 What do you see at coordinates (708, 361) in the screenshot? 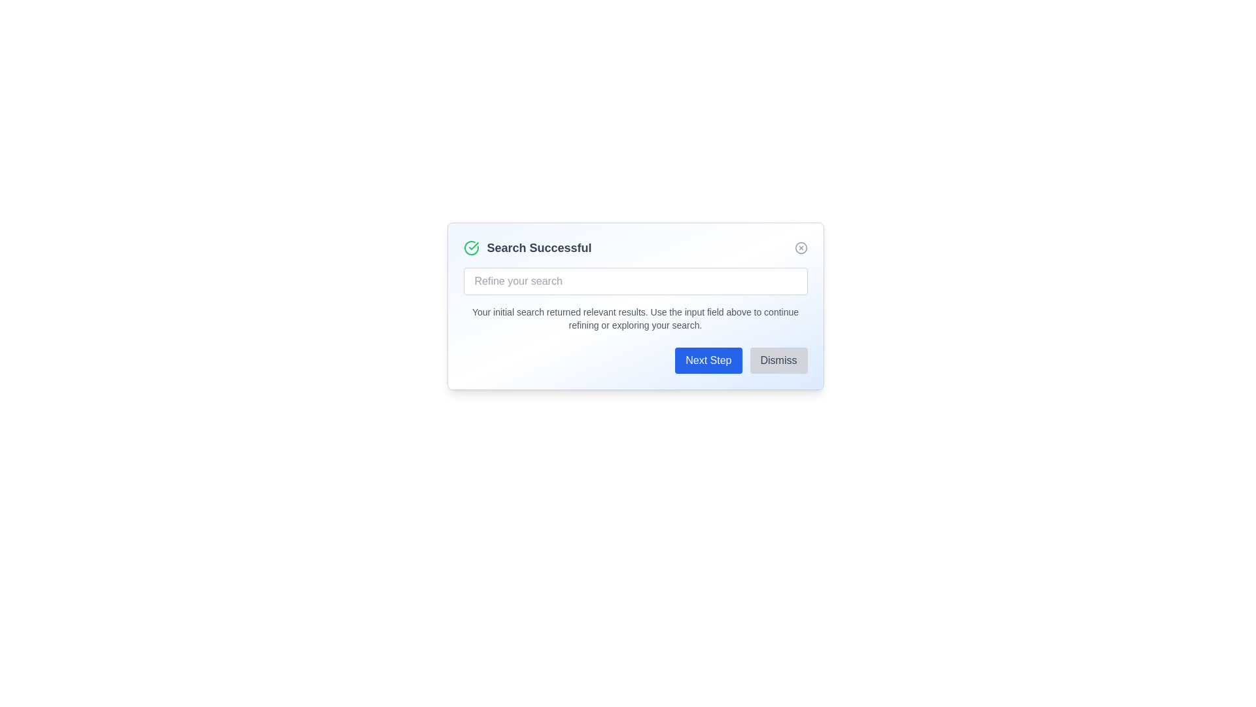
I see `the button labeled Next Step to observe its hover effect` at bounding box center [708, 361].